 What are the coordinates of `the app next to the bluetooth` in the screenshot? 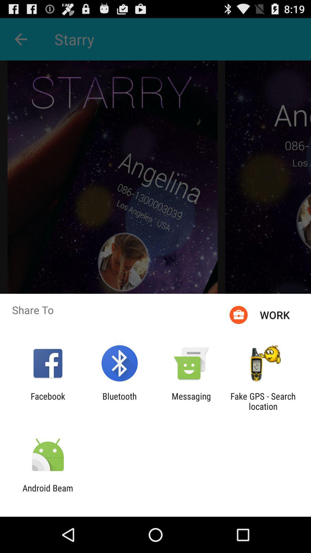 It's located at (48, 401).